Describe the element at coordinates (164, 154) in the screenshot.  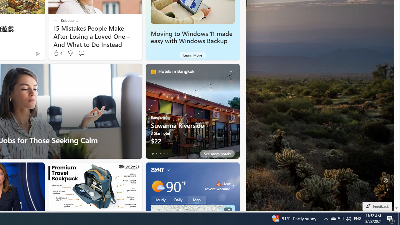
I see `'tab-3'` at that location.